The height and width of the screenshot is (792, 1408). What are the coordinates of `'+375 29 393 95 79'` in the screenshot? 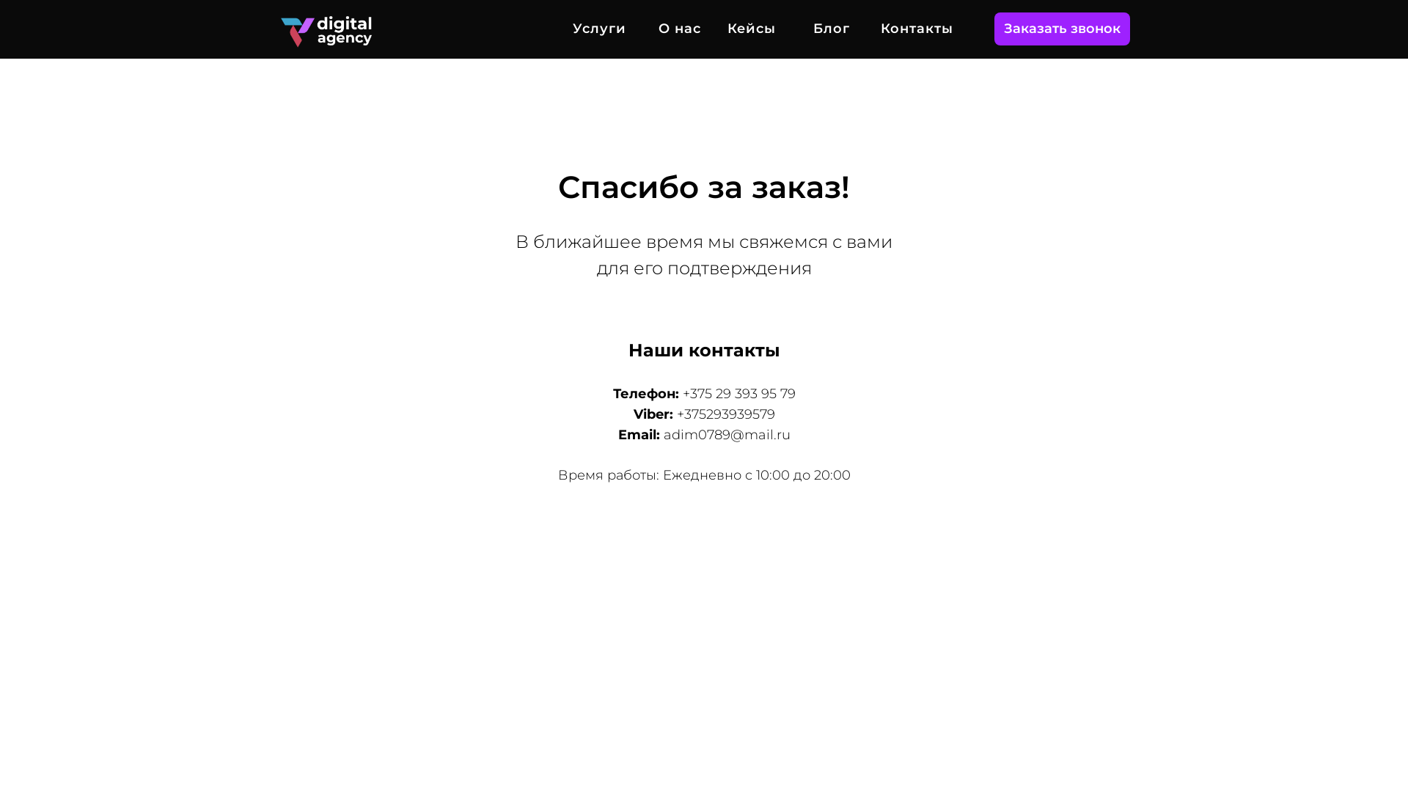 It's located at (681, 392).